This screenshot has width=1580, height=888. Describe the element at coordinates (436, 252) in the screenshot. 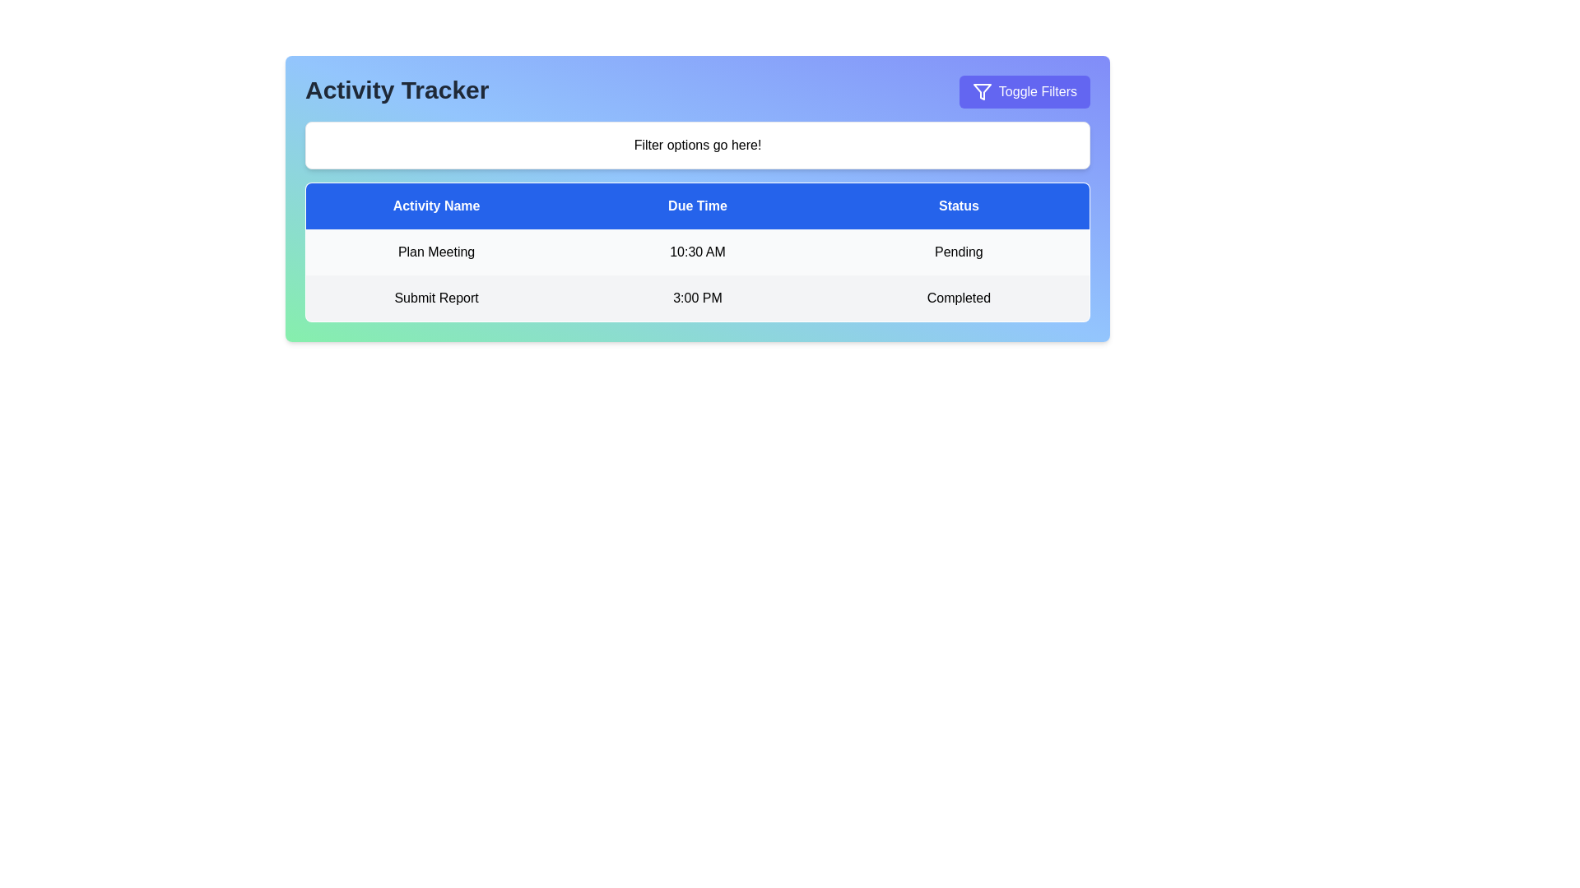

I see `the static text label displaying 'Plan Meeting' in bold black font, centrally aligned within its space, located in the first row of the 'Activity Name' column` at that location.